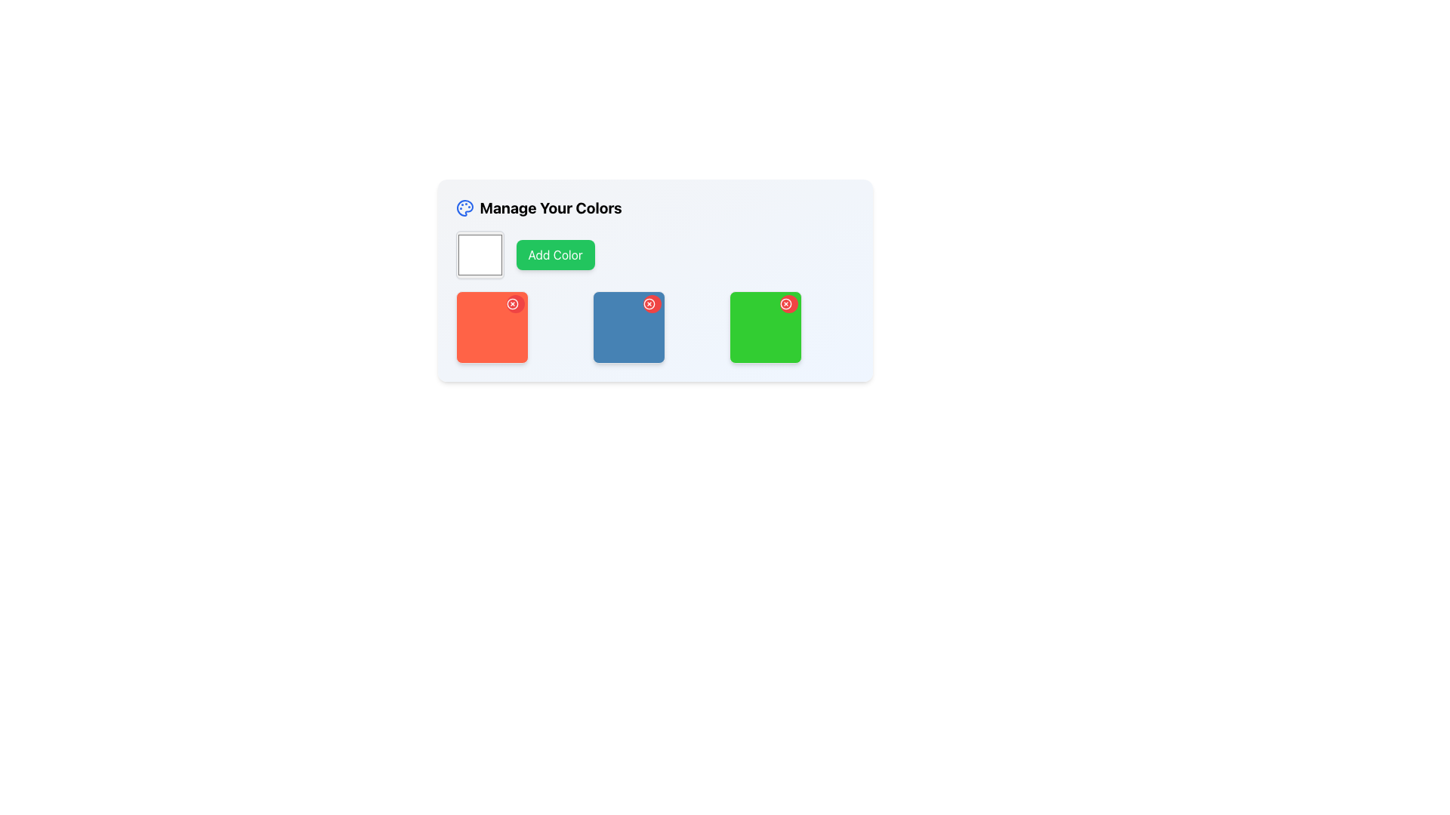 The height and width of the screenshot is (815, 1450). I want to click on the small circular button with a red background and white cross icon located at the top-right corner of the blue square card, so click(652, 303).